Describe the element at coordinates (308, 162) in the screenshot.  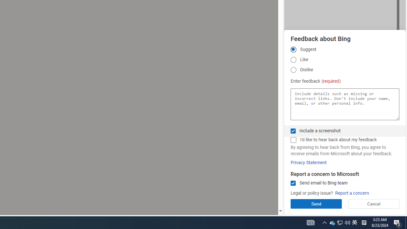
I see `'Privacy Statement'` at that location.